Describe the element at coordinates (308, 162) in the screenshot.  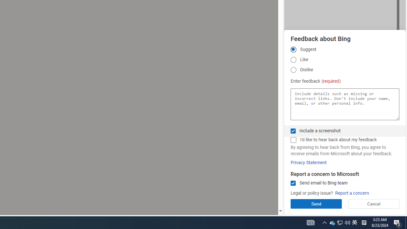
I see `'Privacy Statement'` at that location.